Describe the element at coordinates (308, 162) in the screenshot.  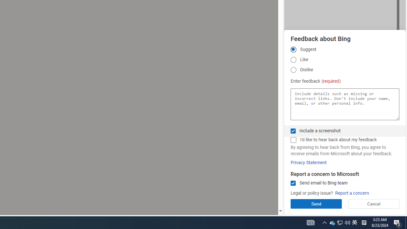
I see `'Privacy Statement'` at that location.